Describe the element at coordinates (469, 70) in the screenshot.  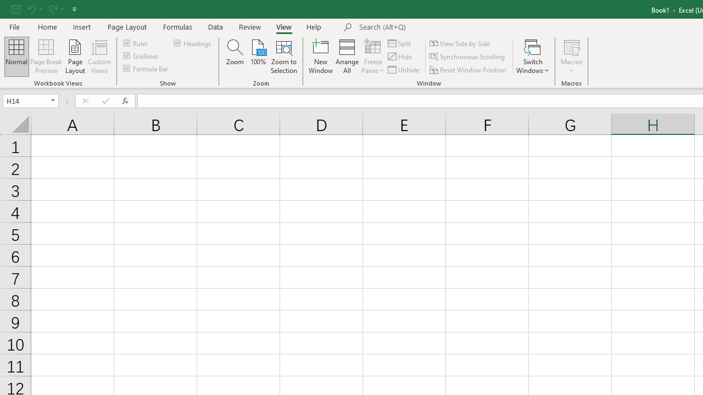
I see `'Reset Window Position'` at that location.